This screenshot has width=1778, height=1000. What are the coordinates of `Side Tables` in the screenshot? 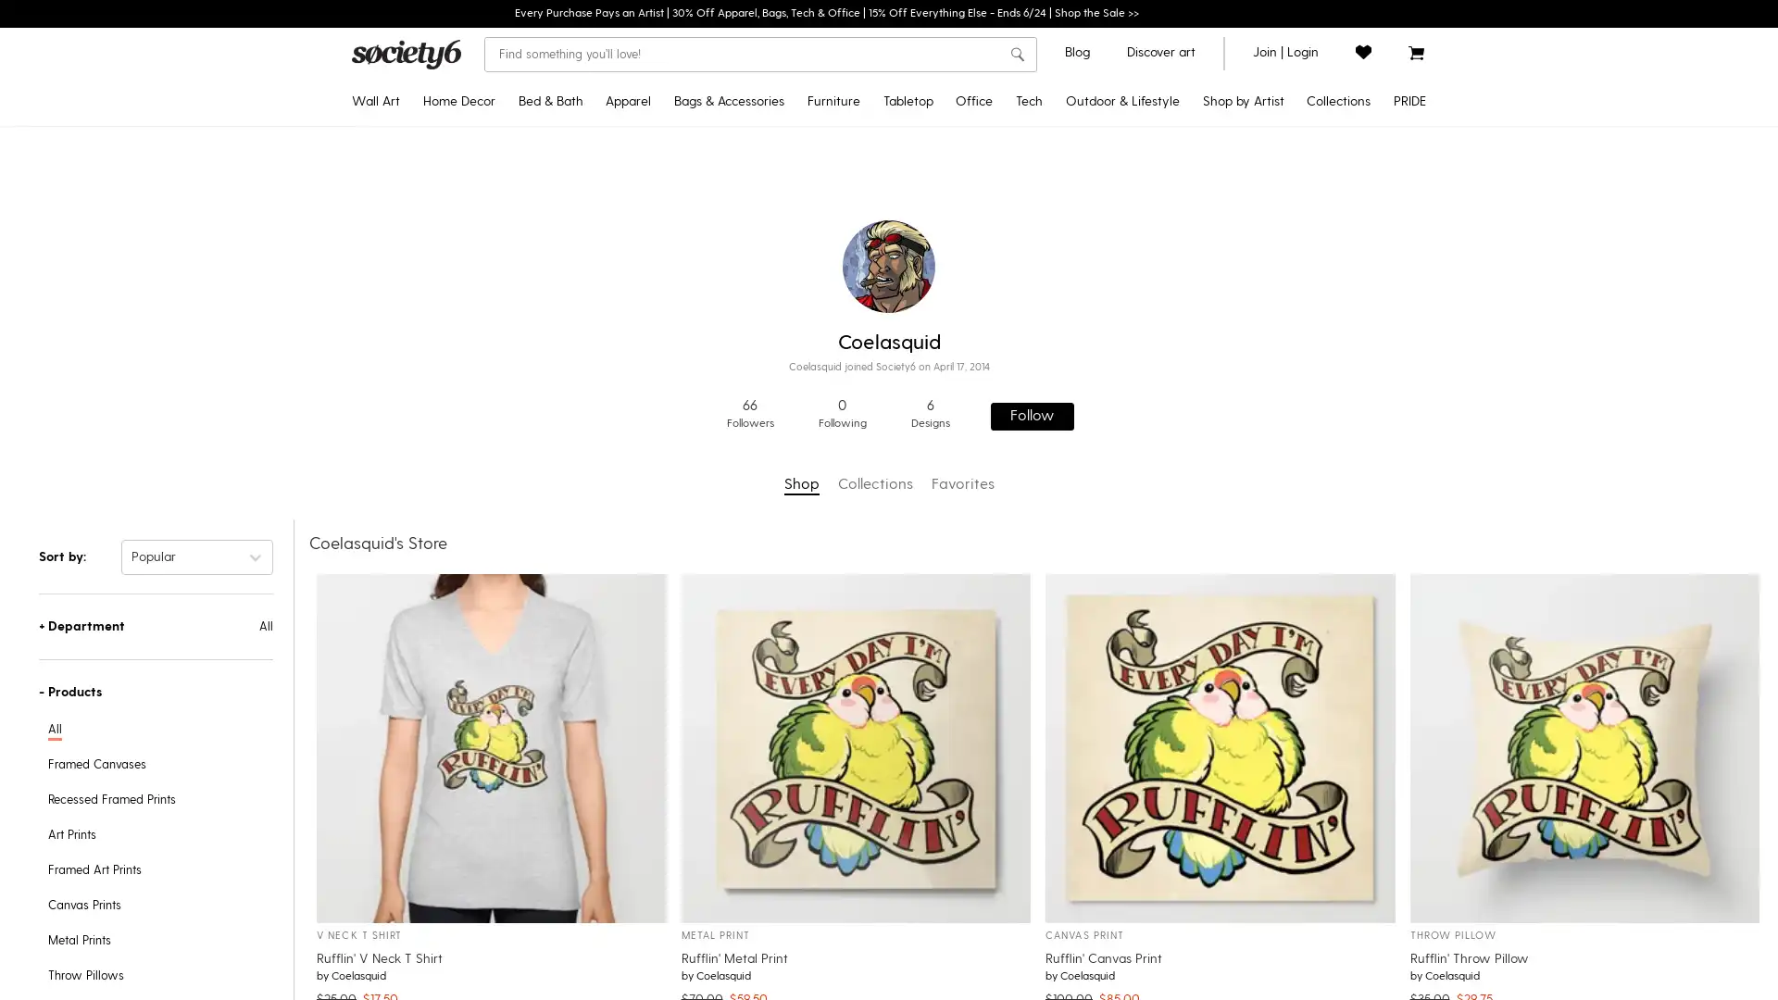 It's located at (865, 268).